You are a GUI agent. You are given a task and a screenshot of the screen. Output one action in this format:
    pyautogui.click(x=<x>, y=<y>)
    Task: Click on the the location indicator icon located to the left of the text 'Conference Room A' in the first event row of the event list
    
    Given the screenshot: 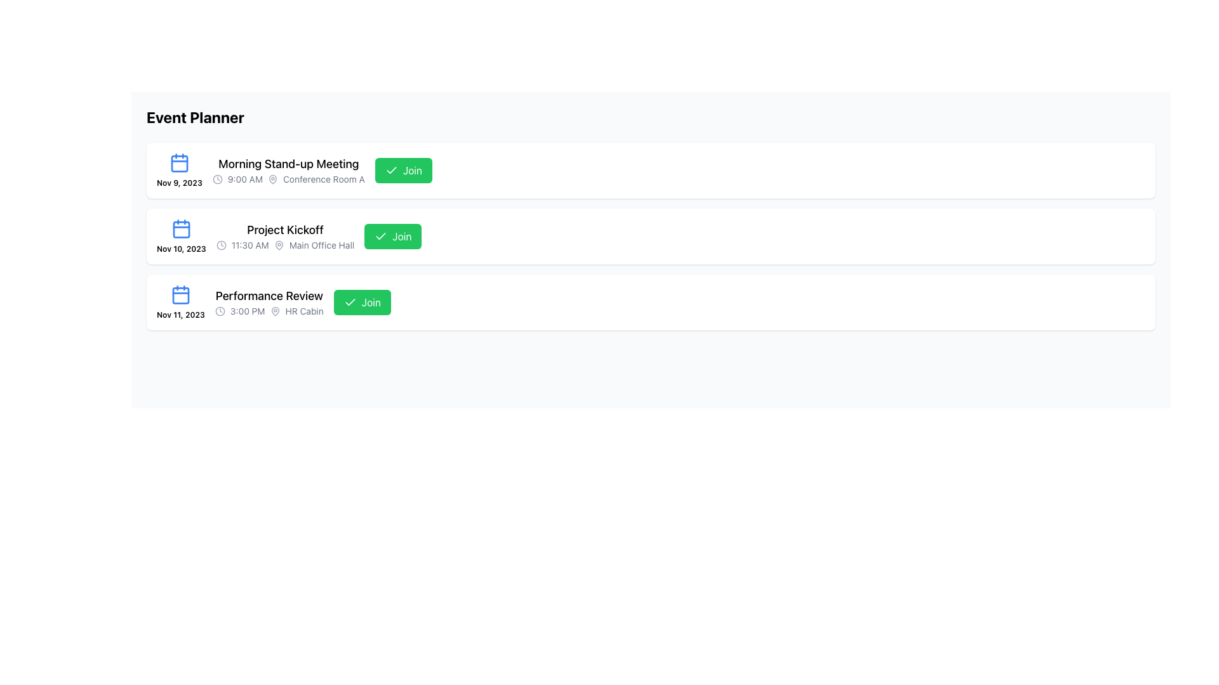 What is the action you would take?
    pyautogui.click(x=272, y=179)
    